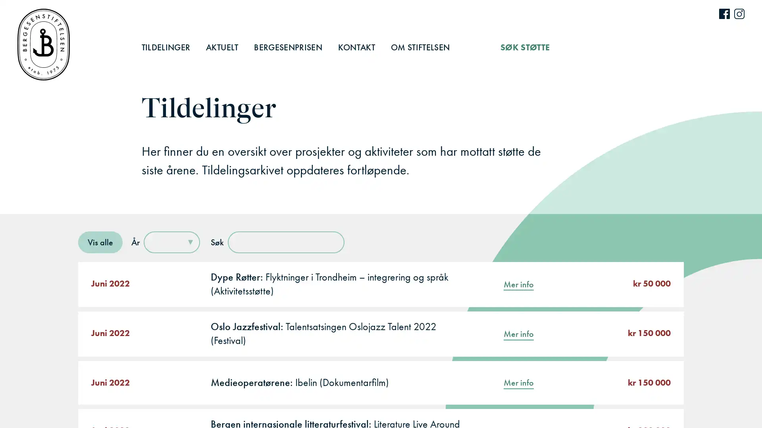  I want to click on Vis alle, so click(100, 241).